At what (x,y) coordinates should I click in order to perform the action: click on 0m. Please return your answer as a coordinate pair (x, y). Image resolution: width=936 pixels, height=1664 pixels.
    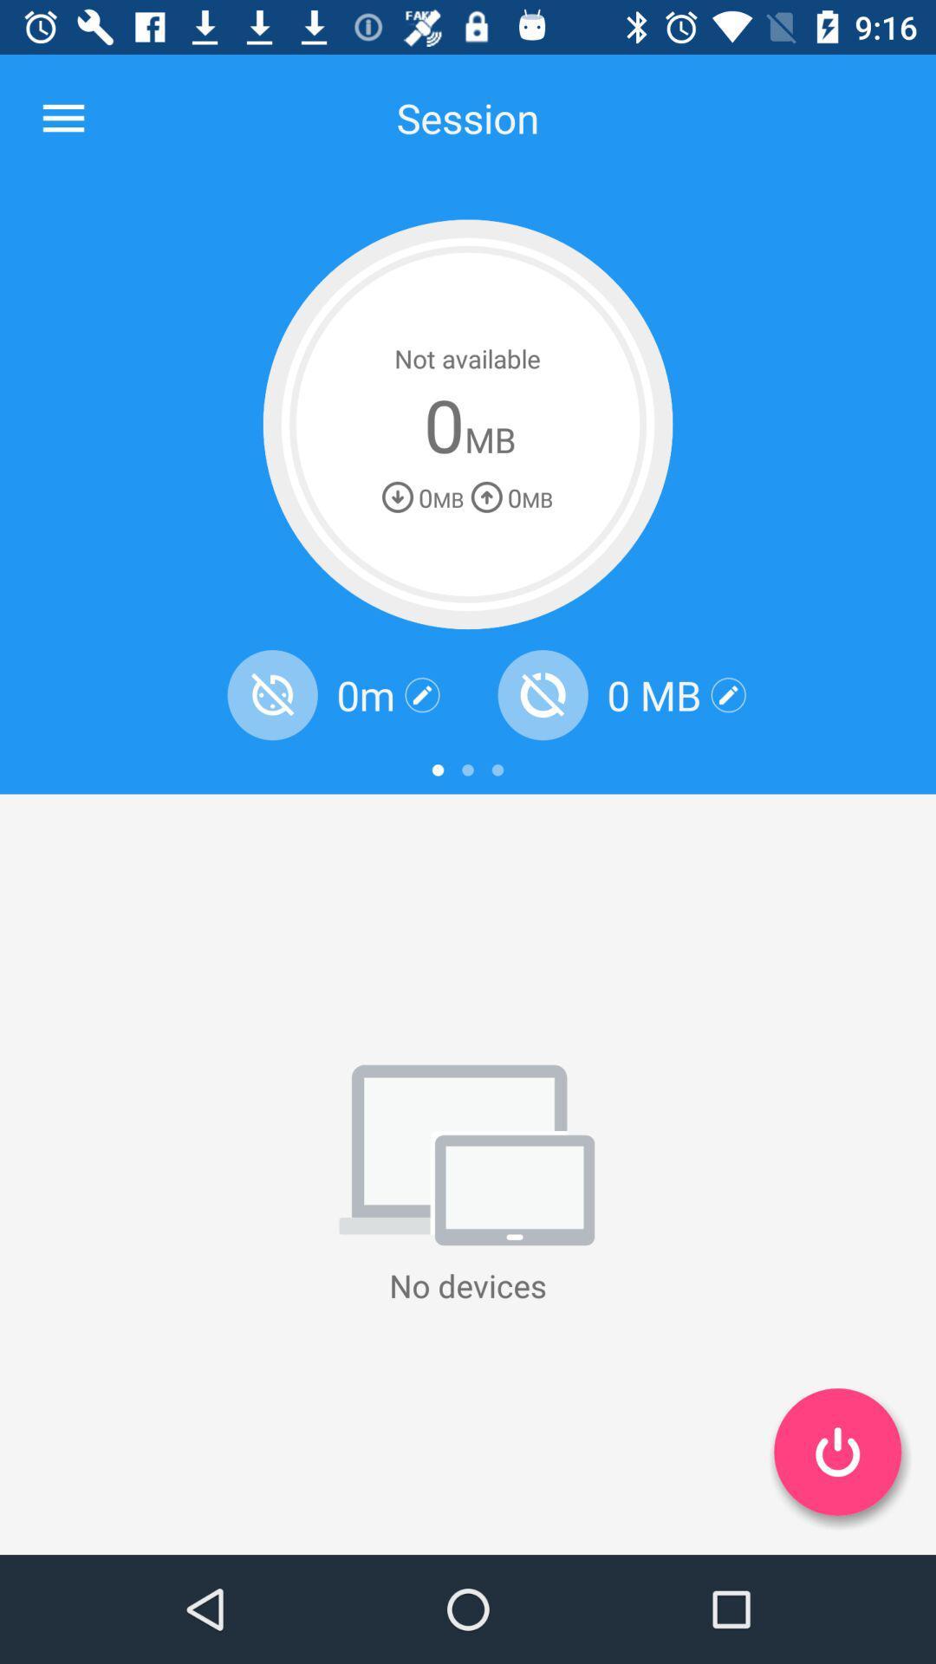
    Looking at the image, I should click on (365, 695).